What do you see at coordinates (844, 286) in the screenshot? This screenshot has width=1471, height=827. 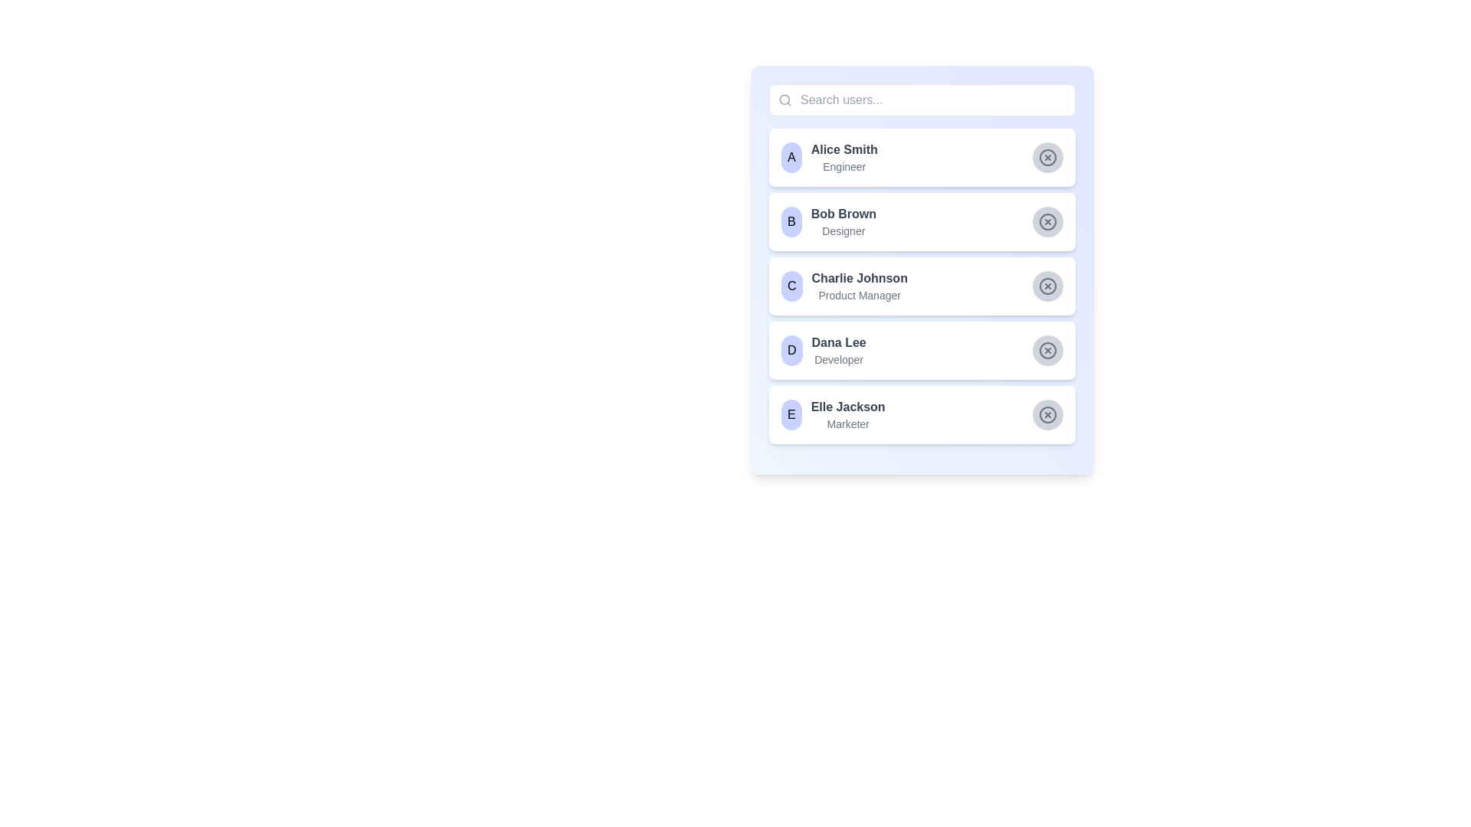 I see `on the third profile card in the list, which displays 'Charlie Johnson, Product Manager' with a light indigo initial 'C'` at bounding box center [844, 286].